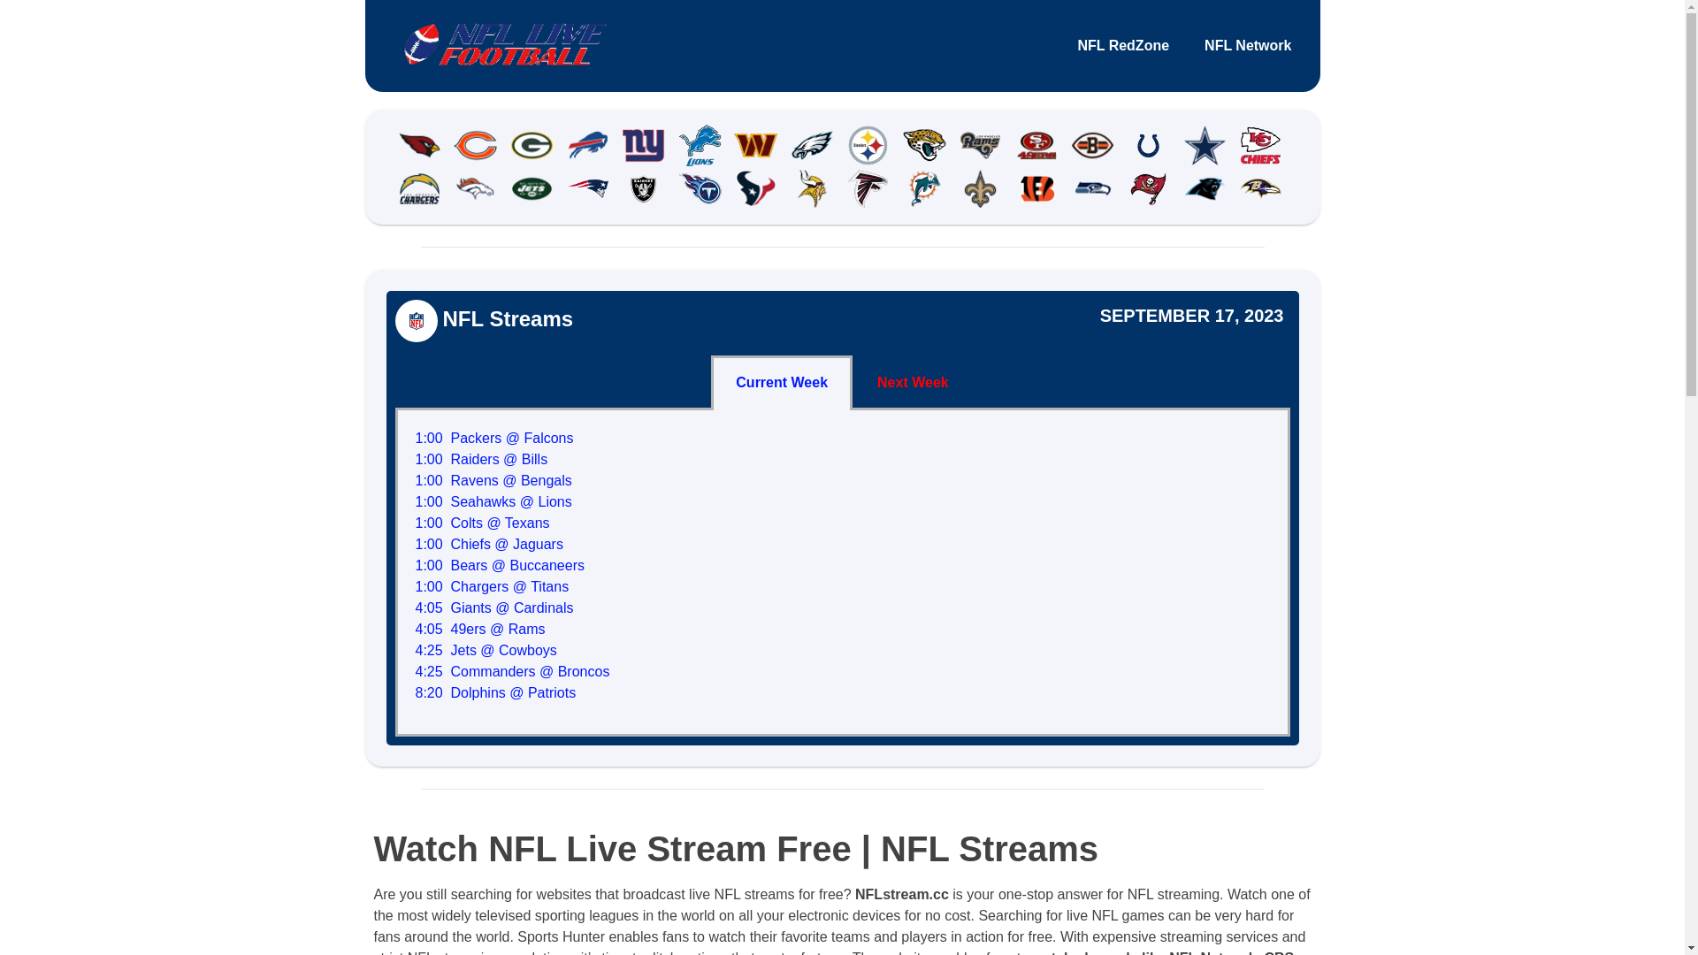 Image resolution: width=1698 pixels, height=955 pixels. Describe the element at coordinates (450, 480) in the screenshot. I see `'Ravens @ Bengals'` at that location.